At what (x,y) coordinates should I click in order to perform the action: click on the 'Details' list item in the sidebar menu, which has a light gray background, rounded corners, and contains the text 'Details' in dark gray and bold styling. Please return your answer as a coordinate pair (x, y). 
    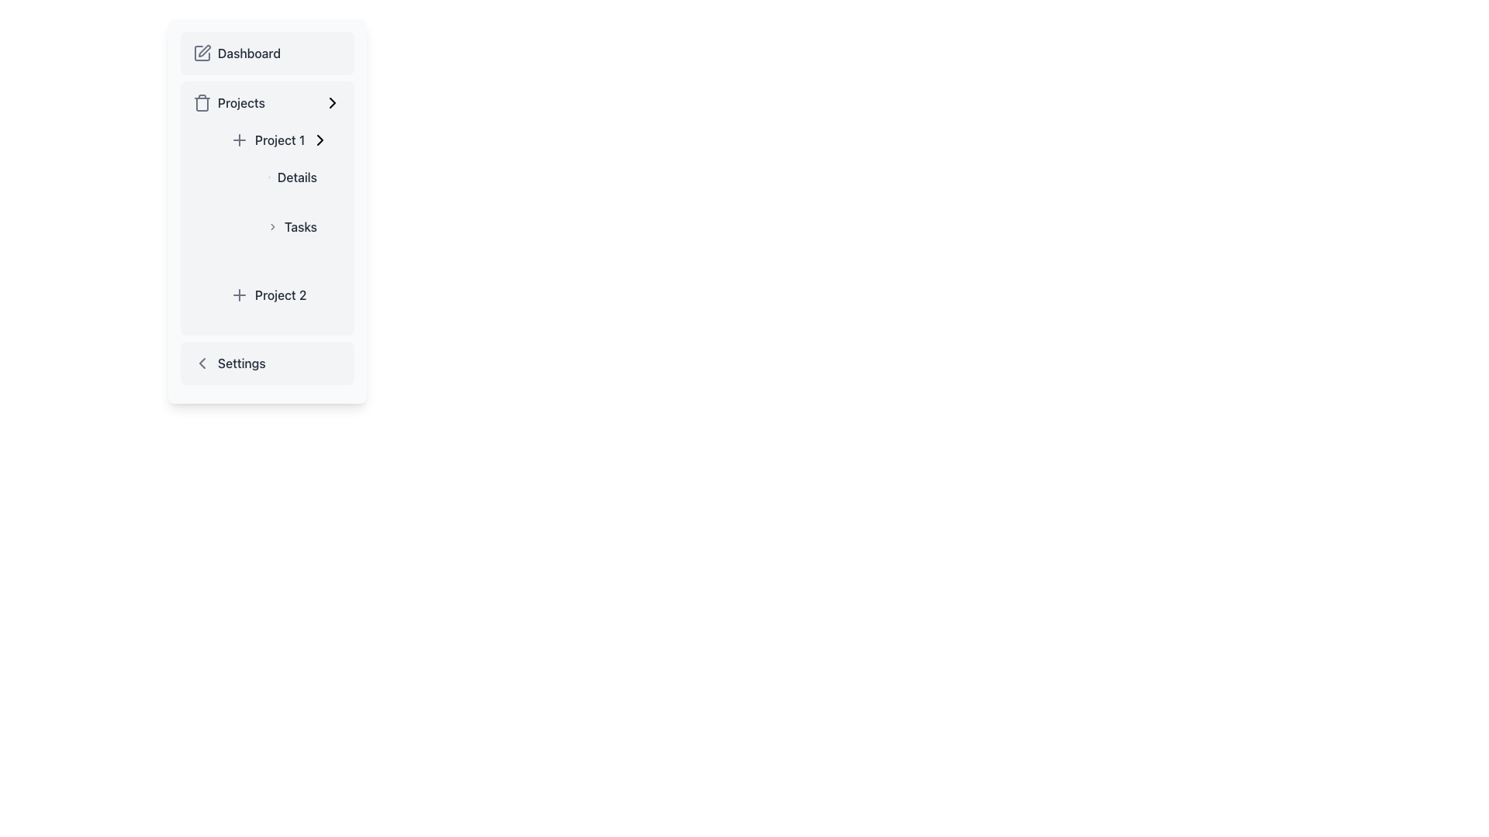
    Looking at the image, I should click on (292, 176).